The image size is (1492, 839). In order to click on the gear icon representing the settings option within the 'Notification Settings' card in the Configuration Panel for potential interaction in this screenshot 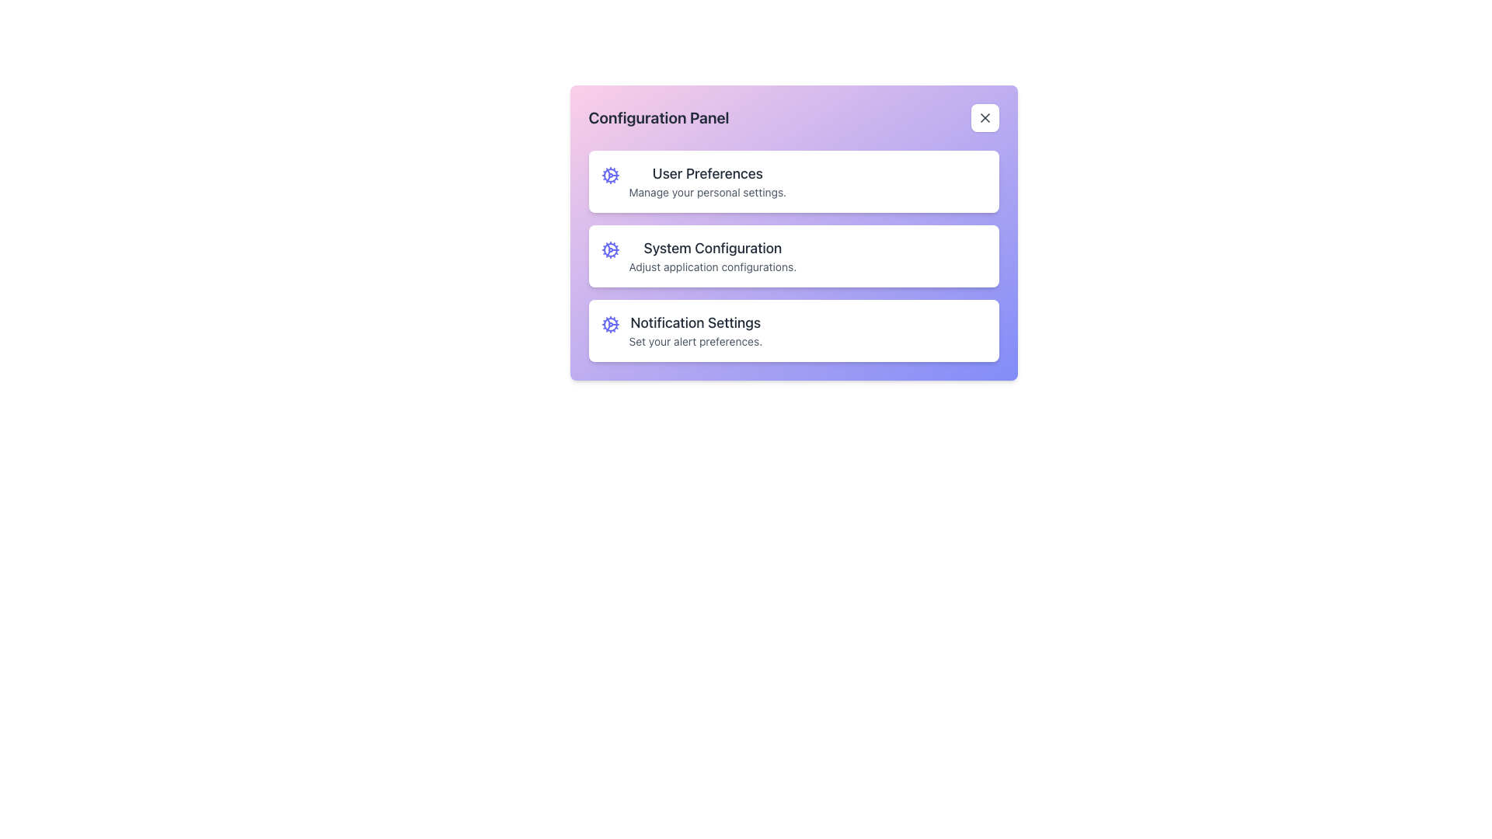, I will do `click(609, 323)`.